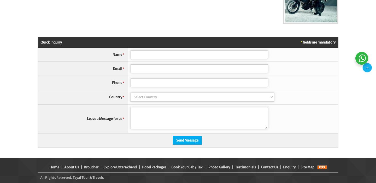  What do you see at coordinates (245, 167) in the screenshot?
I see `'Testimonials'` at bounding box center [245, 167].